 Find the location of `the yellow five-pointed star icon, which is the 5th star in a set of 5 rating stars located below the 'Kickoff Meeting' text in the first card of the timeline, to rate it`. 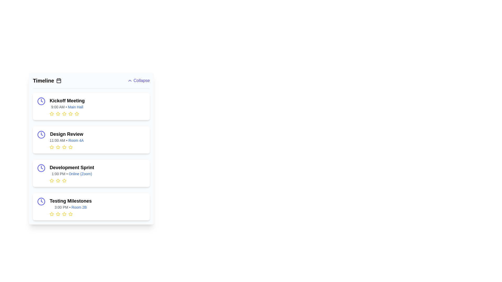

the yellow five-pointed star icon, which is the 5th star in a set of 5 rating stars located below the 'Kickoff Meeting' text in the first card of the timeline, to rate it is located at coordinates (70, 113).